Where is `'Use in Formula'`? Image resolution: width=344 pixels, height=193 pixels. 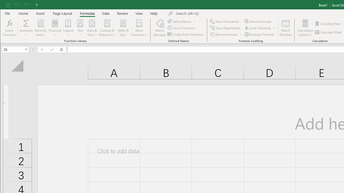
'Use in Formula' is located at coordinates (182, 28).